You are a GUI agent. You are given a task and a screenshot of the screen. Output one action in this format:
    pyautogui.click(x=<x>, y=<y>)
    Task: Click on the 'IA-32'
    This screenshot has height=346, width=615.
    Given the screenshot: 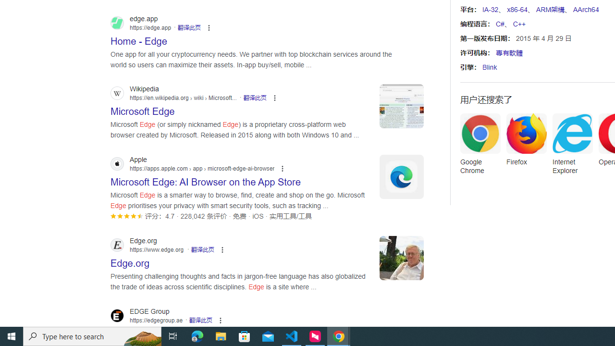 What is the action you would take?
    pyautogui.click(x=490, y=10)
    